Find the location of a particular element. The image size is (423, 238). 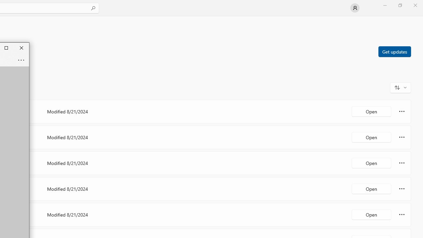

'More options' is located at coordinates (402, 215).